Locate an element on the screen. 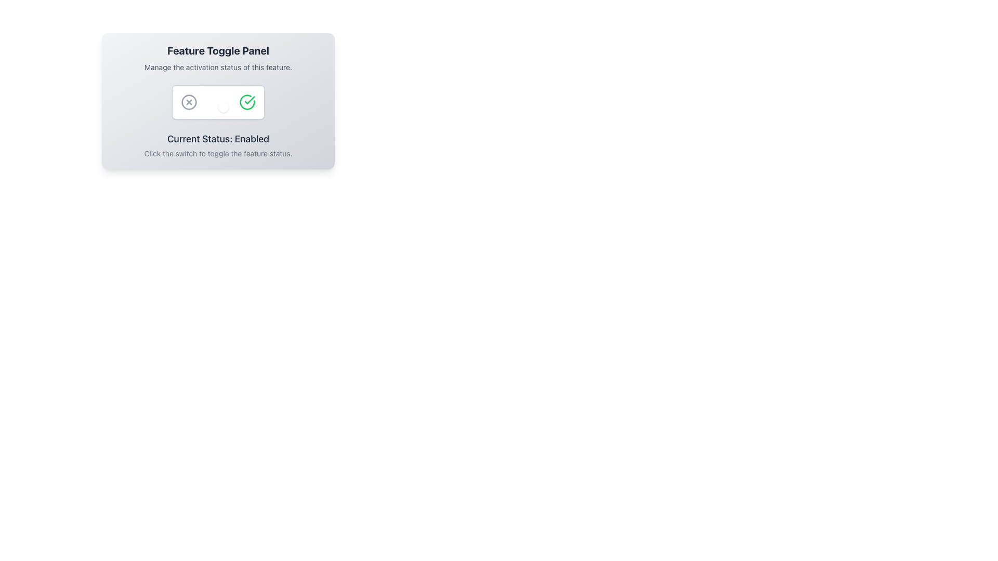 This screenshot has height=561, width=998. the close icon, which is a circular icon with a gray border and a gray 'X' symbol in the center, located in the 'Feature Toggle Panel' is located at coordinates (189, 102).